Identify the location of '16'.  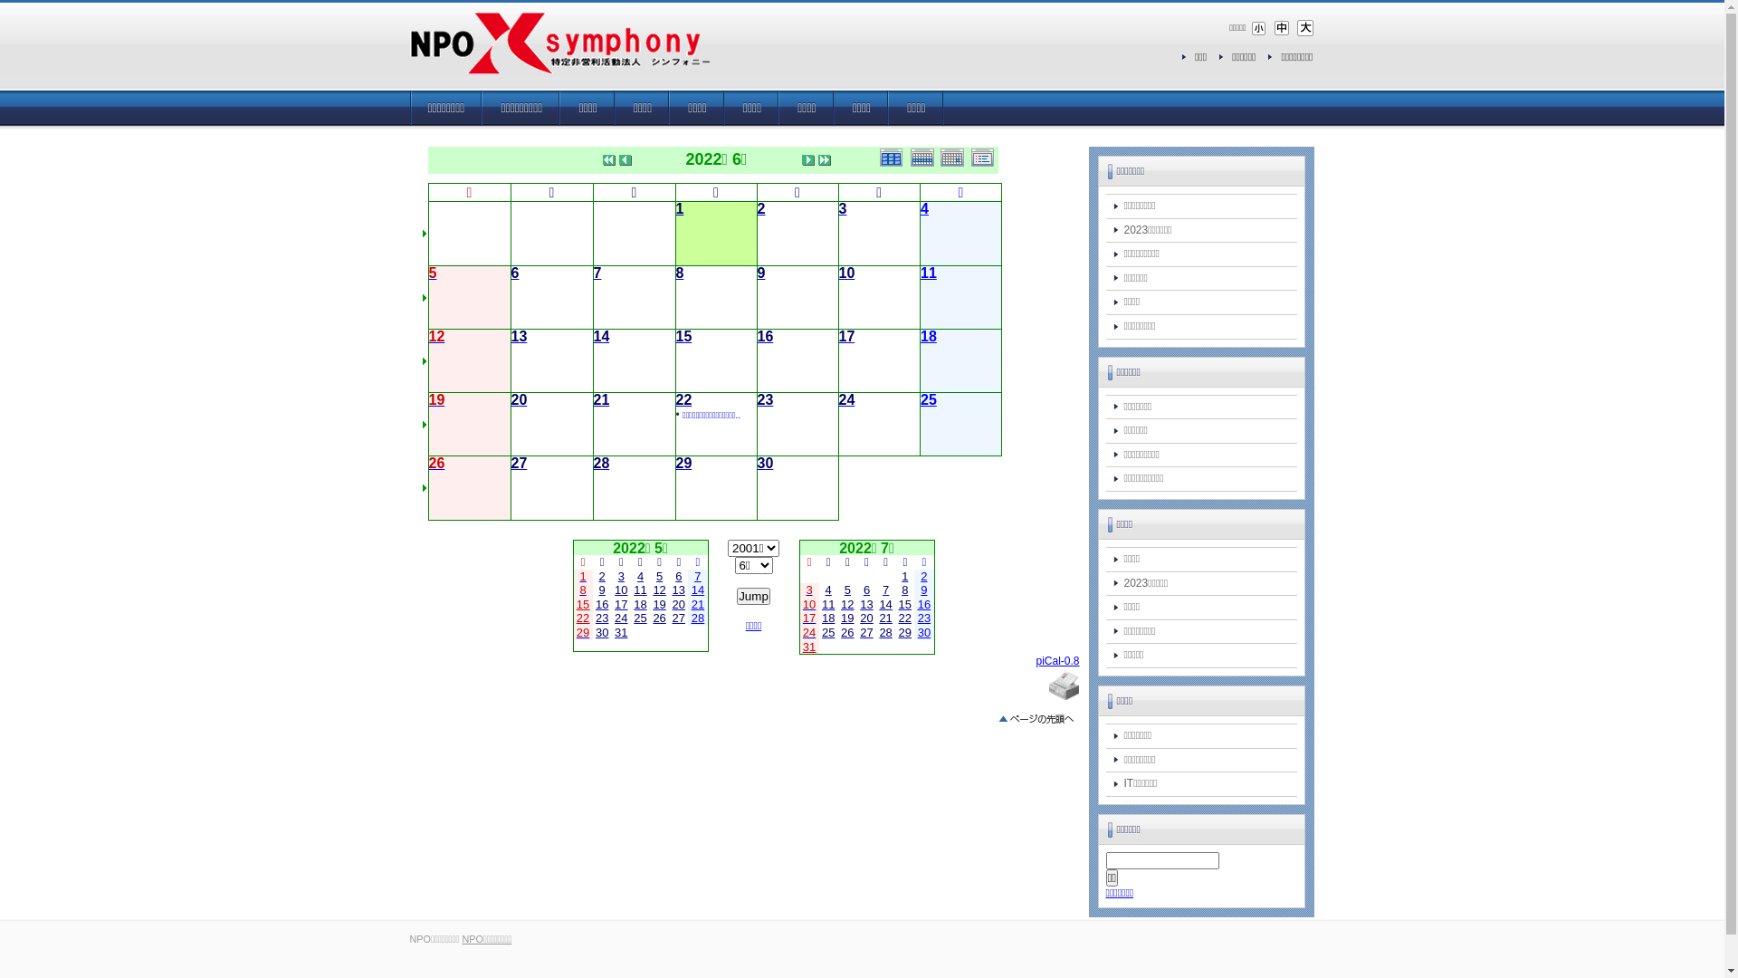
(764, 338).